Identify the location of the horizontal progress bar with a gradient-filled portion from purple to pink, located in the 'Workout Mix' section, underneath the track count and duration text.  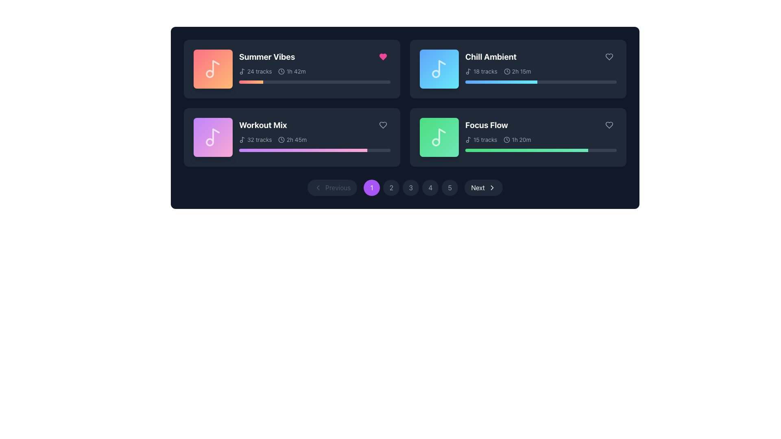
(314, 150).